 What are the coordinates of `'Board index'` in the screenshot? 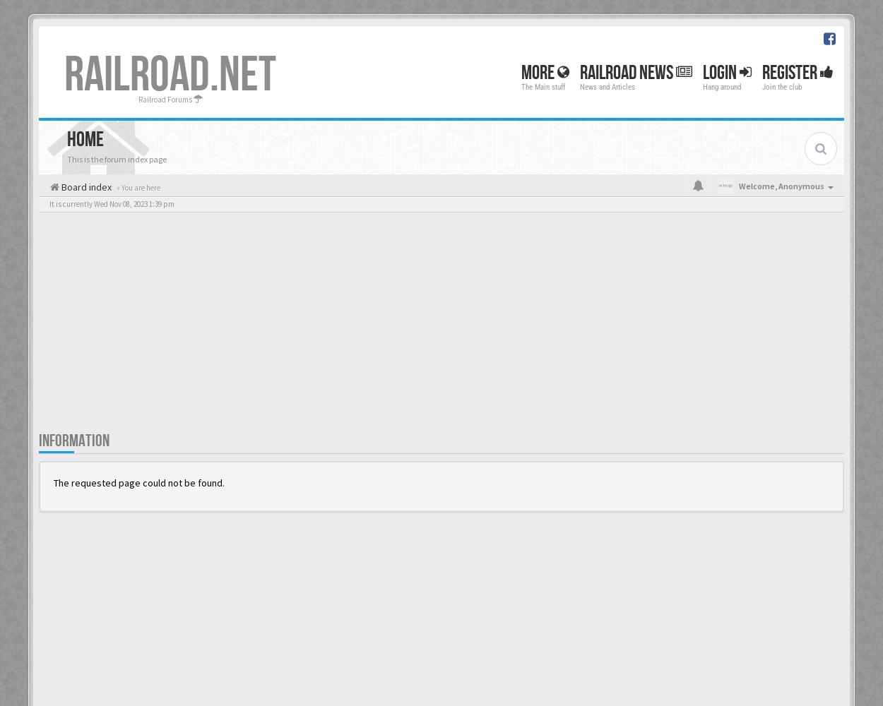 It's located at (85, 187).